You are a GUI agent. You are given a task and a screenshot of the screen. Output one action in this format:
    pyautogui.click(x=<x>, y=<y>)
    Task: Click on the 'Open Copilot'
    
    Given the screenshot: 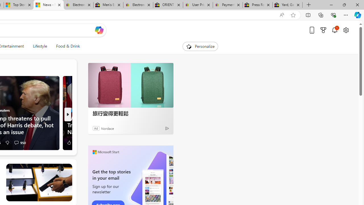 What is the action you would take?
    pyautogui.click(x=99, y=30)
    